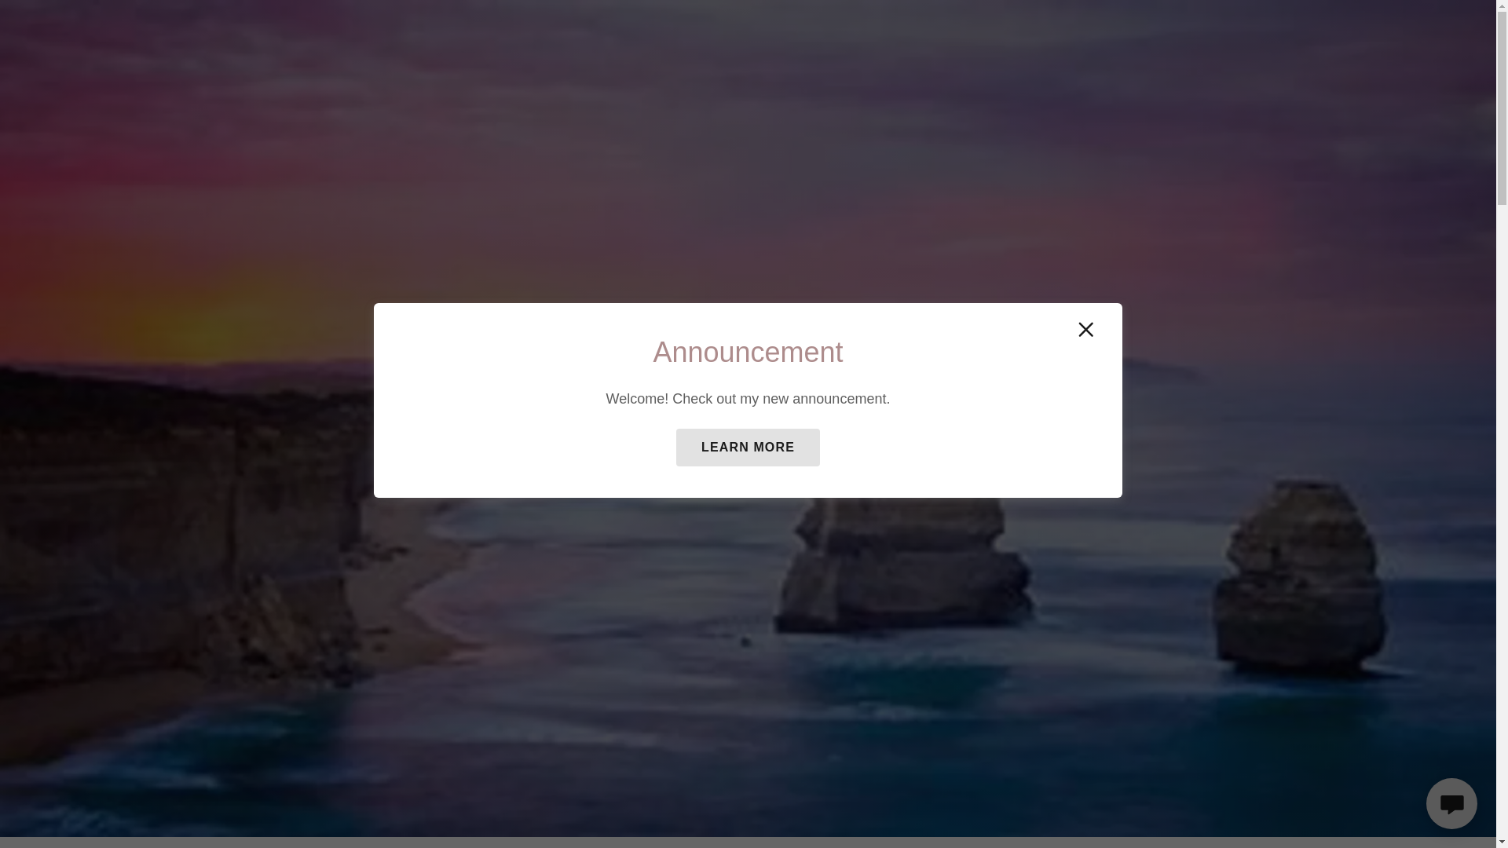 This screenshot has height=848, width=1508. Describe the element at coordinates (747, 448) in the screenshot. I see `'LEARN MORE'` at that location.